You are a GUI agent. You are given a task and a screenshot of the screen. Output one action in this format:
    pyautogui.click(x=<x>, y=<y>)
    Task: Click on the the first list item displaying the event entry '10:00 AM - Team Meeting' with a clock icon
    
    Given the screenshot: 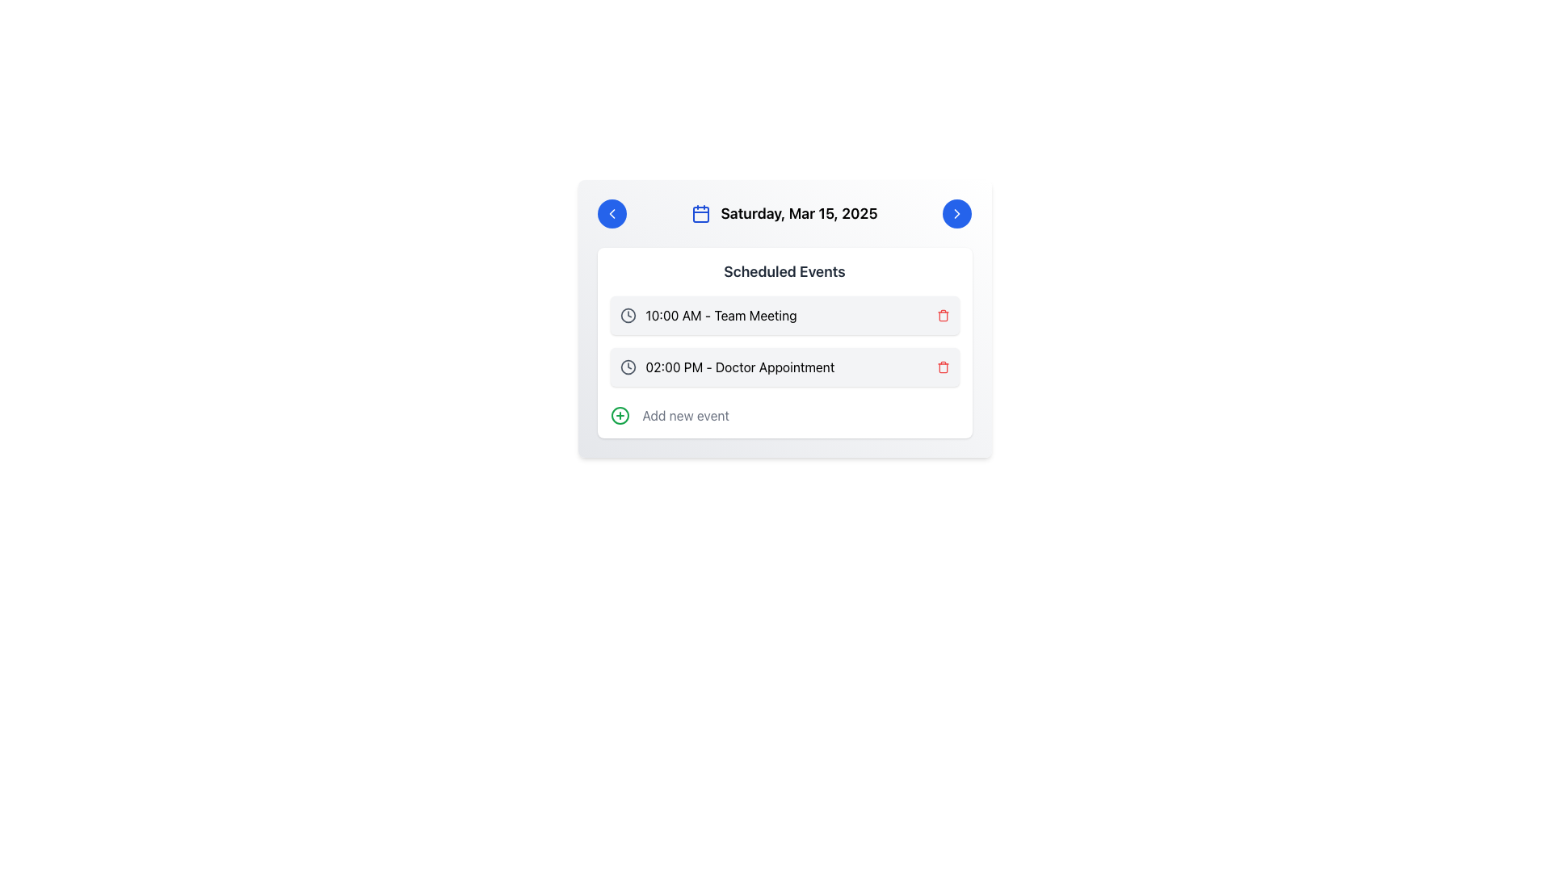 What is the action you would take?
    pyautogui.click(x=708, y=315)
    